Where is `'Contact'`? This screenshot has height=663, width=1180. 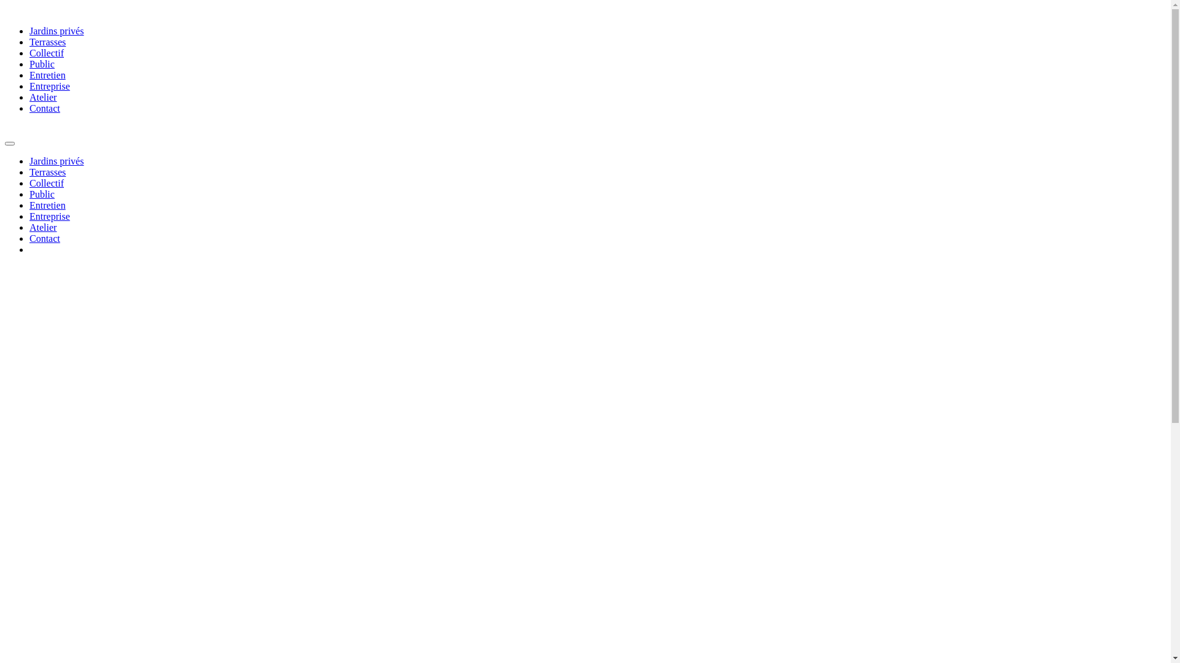 'Contact' is located at coordinates (44, 238).